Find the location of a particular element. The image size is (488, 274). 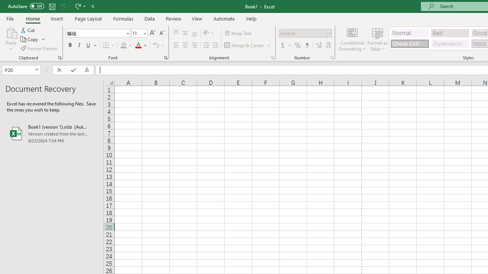

'Font' is located at coordinates (98, 33).